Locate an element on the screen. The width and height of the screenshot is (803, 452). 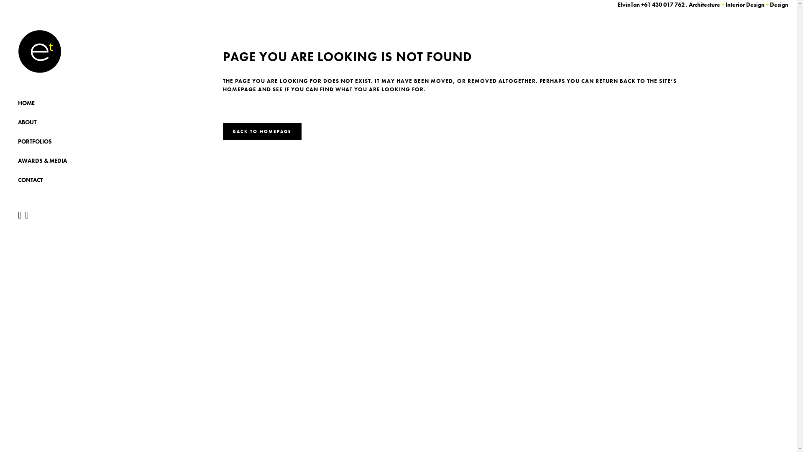
'BACK TO HOMEPAGE' is located at coordinates (261, 131).